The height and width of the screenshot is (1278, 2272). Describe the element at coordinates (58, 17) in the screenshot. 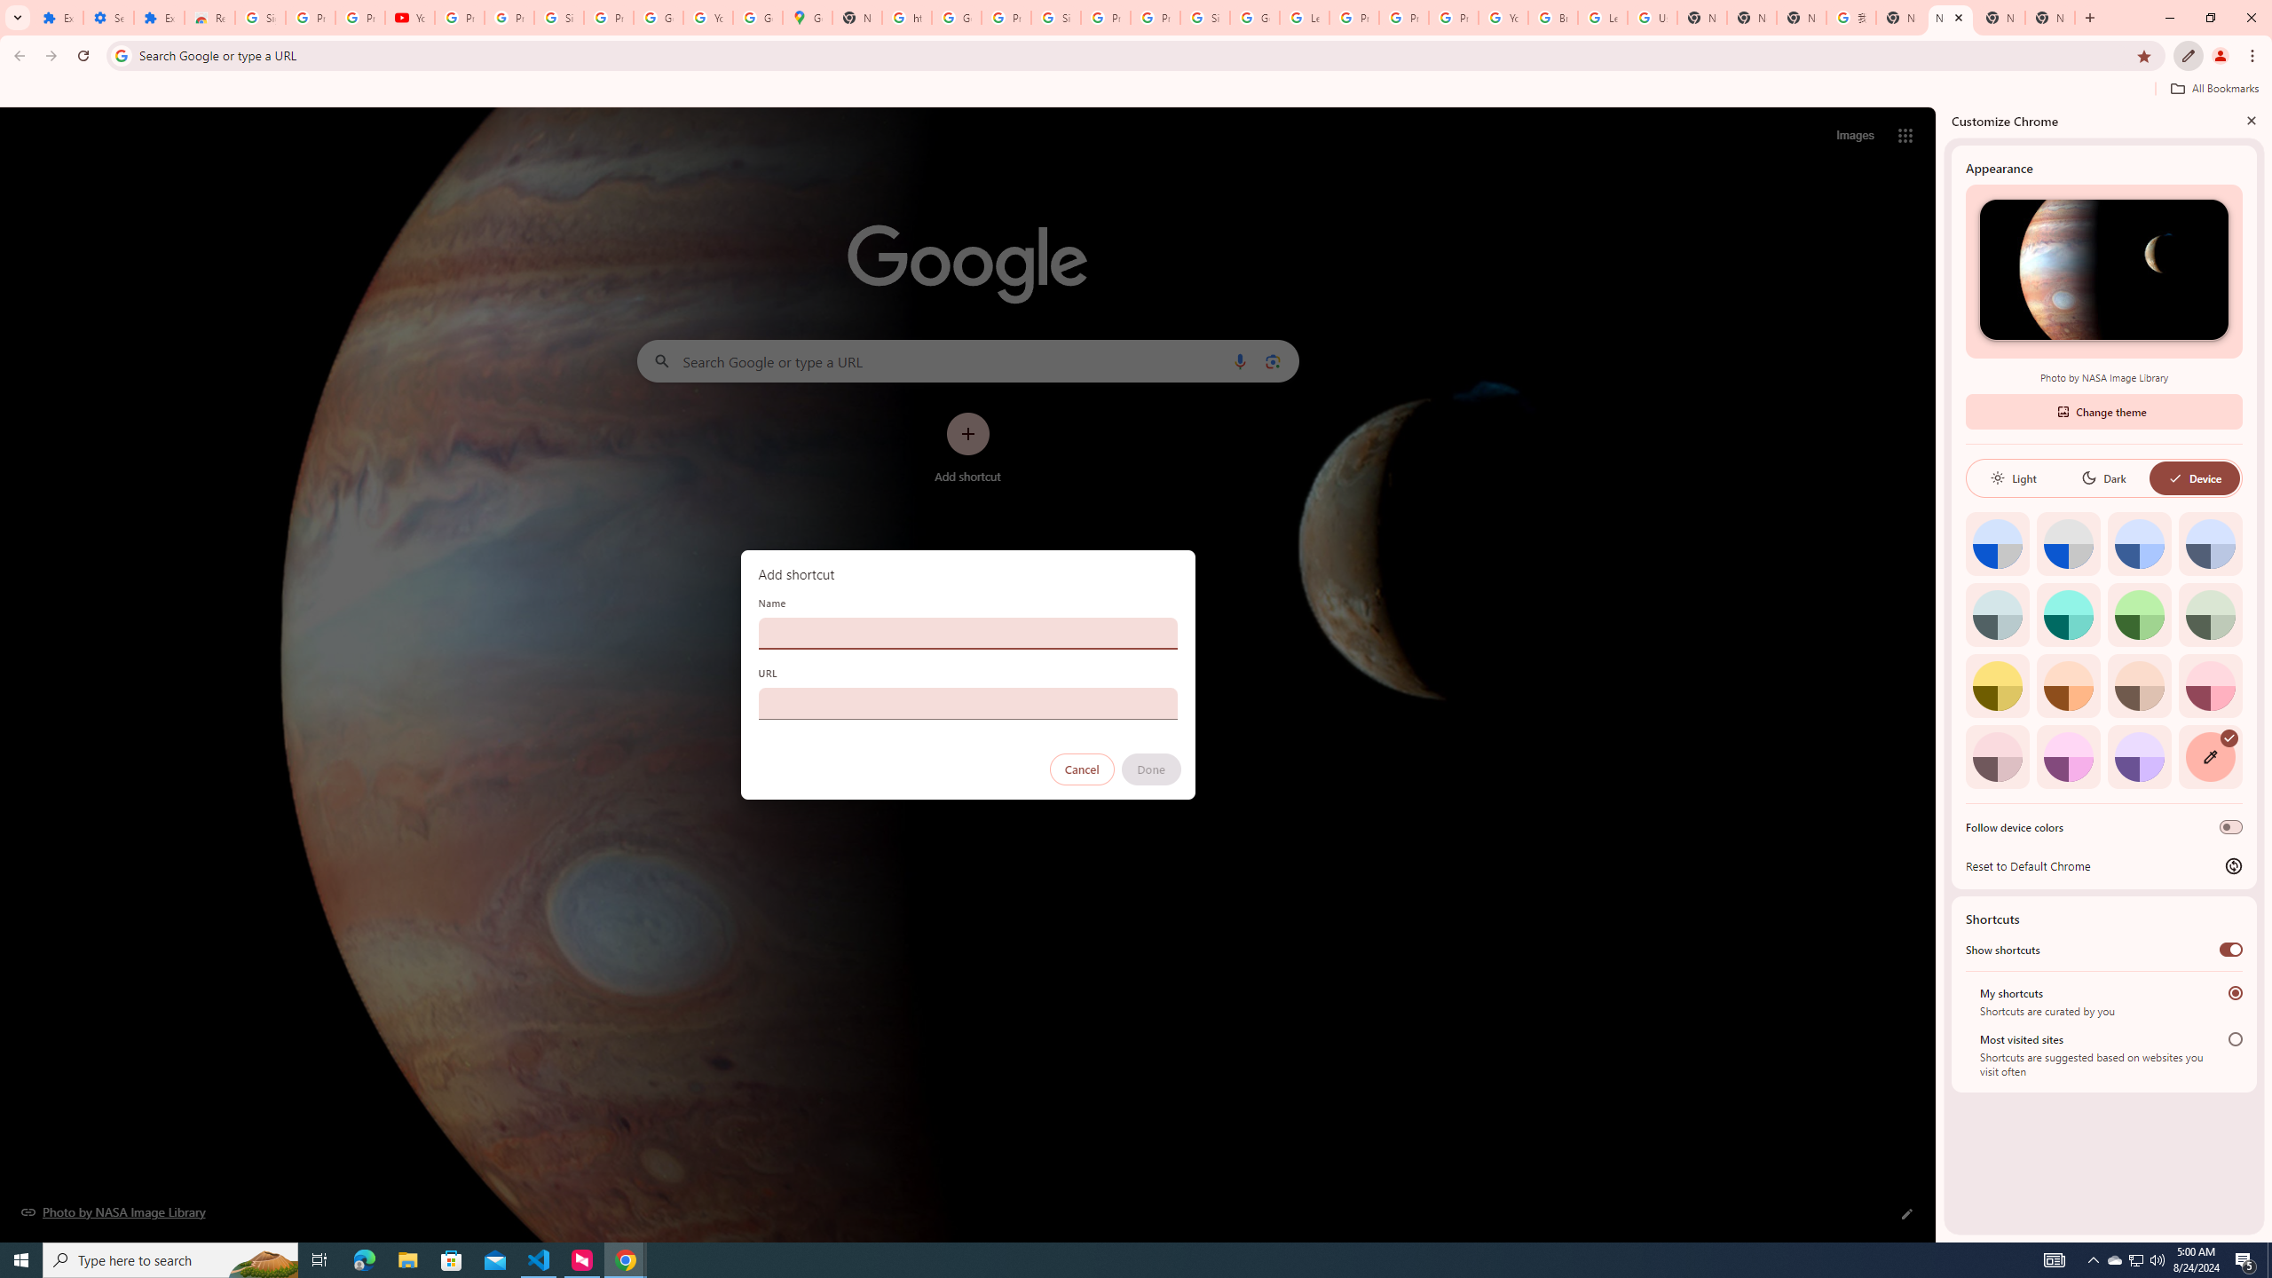

I see `'Extensions'` at that location.